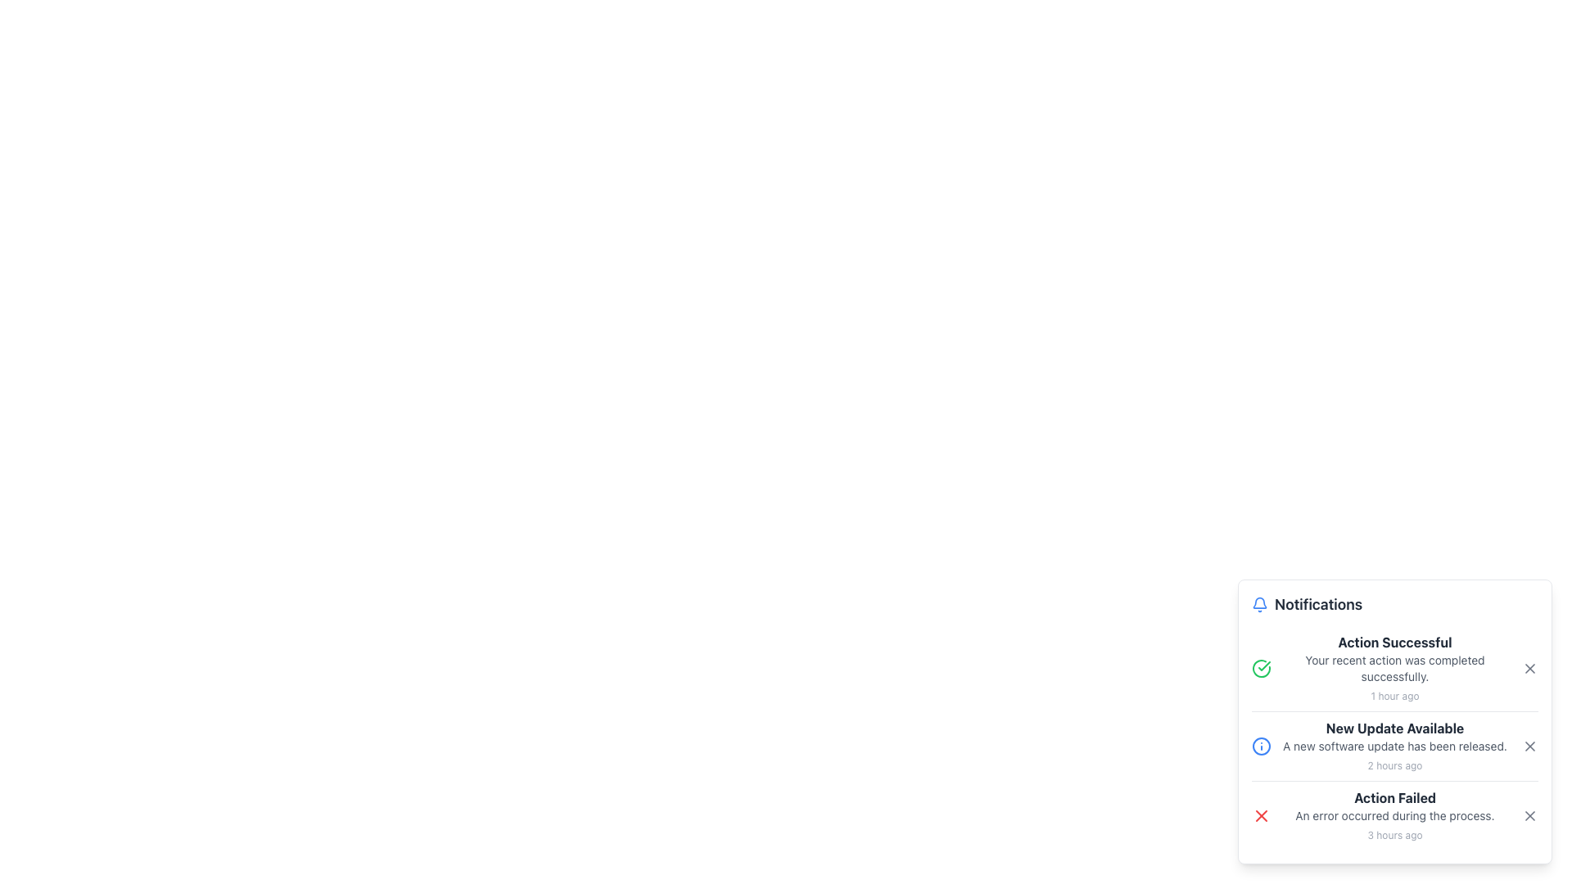  What do you see at coordinates (1394, 765) in the screenshot?
I see `the static text element that reads '2 hours ago', which is located at the bottom-right corner of the 'New Update Available' notification card` at bounding box center [1394, 765].